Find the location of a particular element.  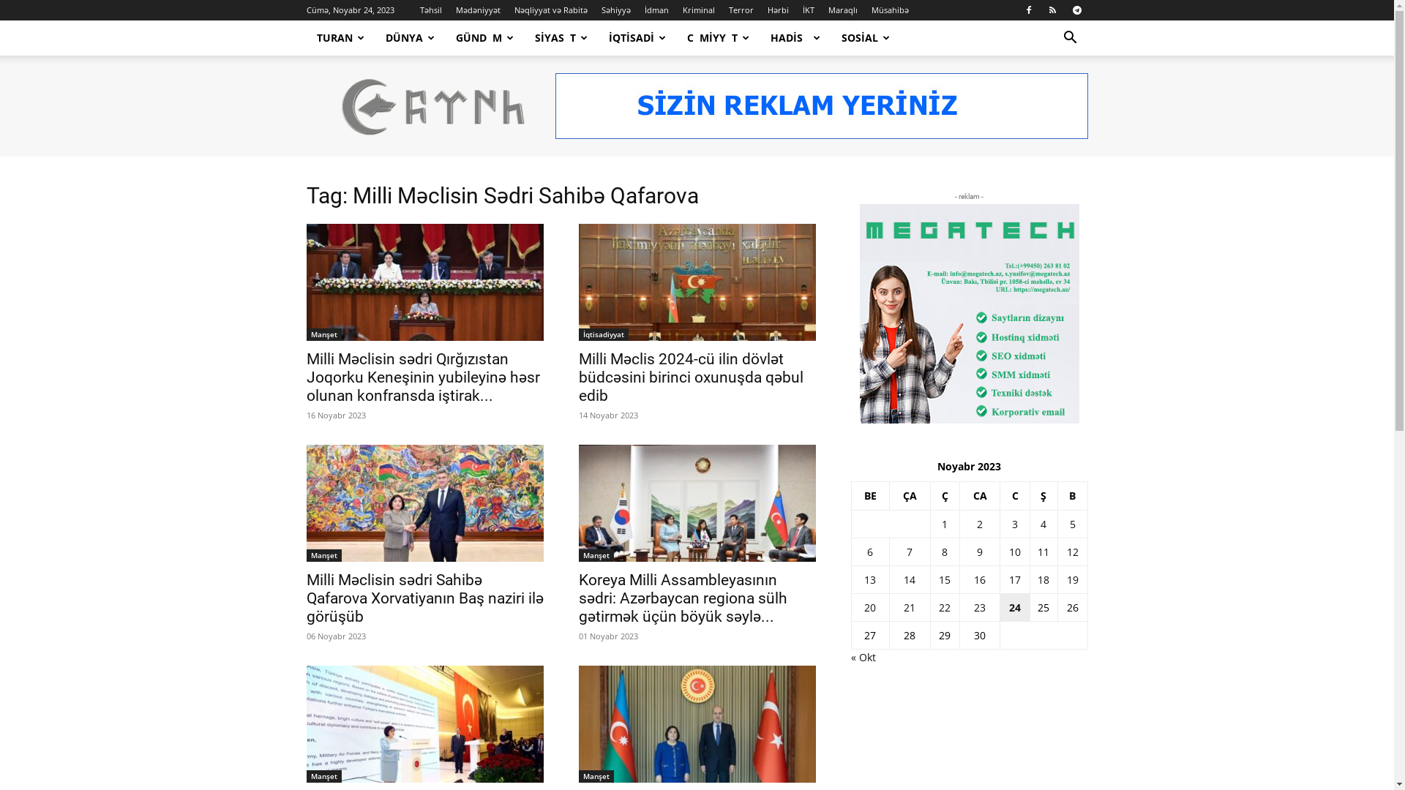

'21' is located at coordinates (902, 607).